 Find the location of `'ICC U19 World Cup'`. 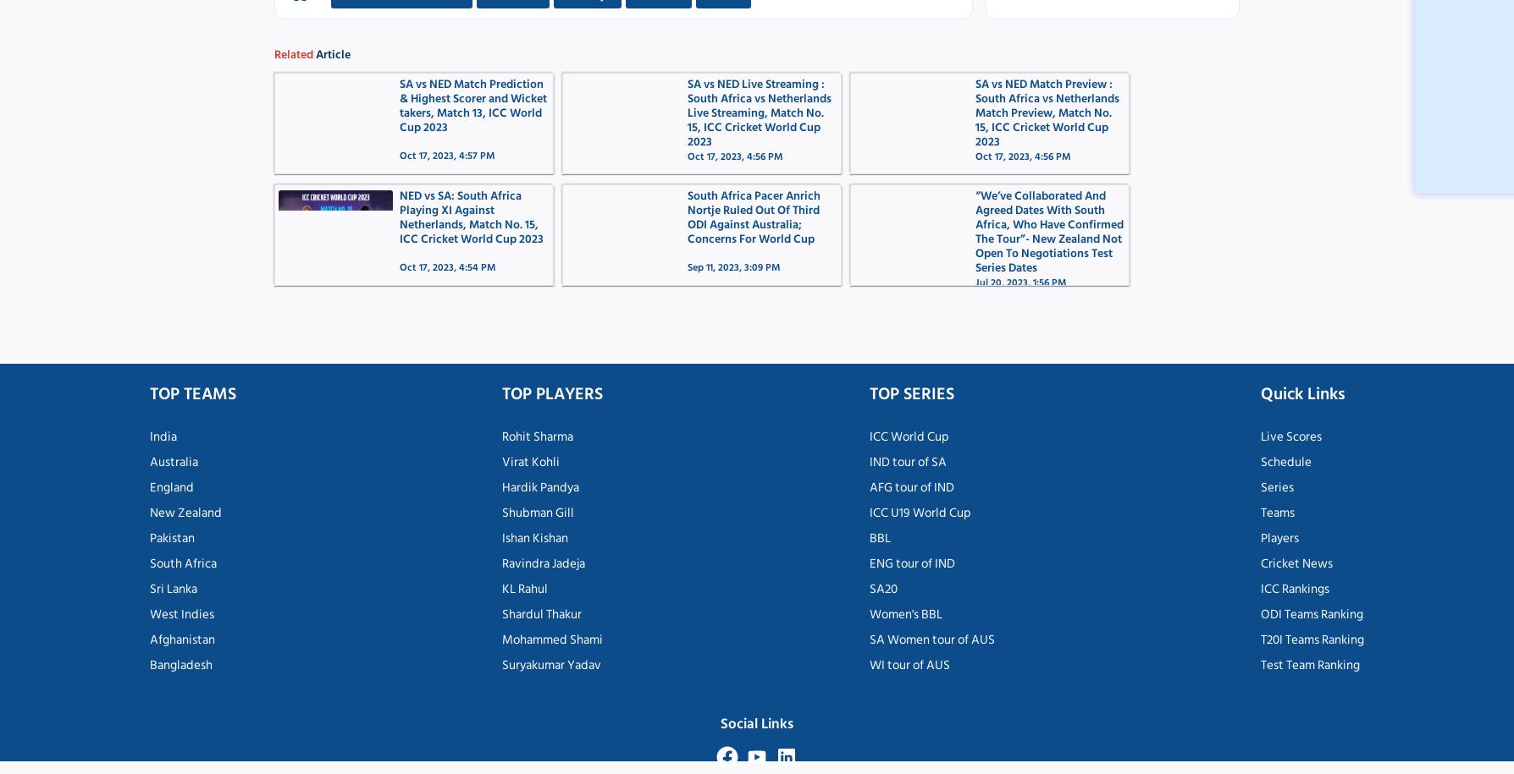

'ICC U19 World Cup' is located at coordinates (868, 511).